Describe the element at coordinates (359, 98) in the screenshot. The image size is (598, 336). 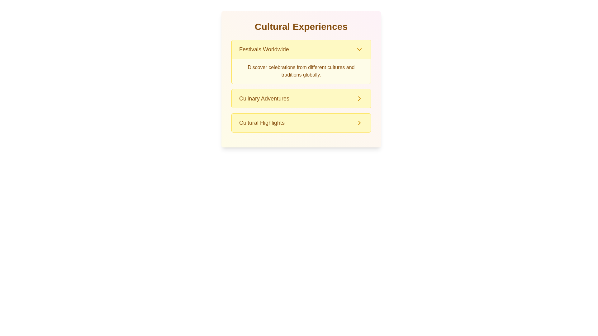
I see `the 'Cultural Highlights' button located at the bottom of the 'Cultural Experiences' section` at that location.